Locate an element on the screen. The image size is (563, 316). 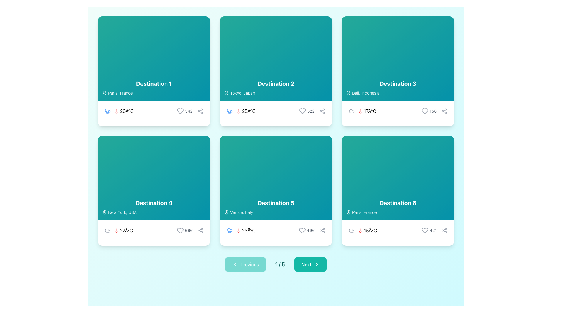
the text label displaying '17Â°C' located in the bottom section of the card labeled 'Destination 3' (Bali, Indonesia), following the thermometer icon is located at coordinates (369, 111).